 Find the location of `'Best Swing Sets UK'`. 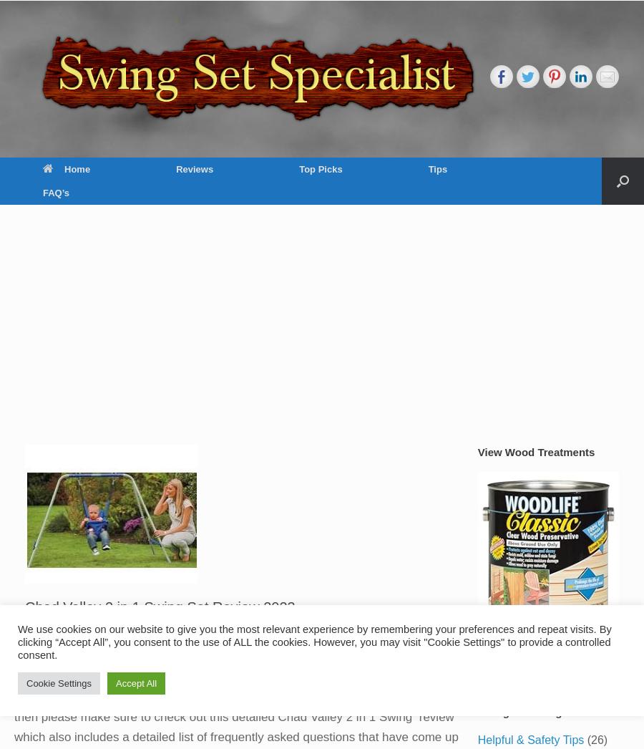

'Best Swing Sets UK' is located at coordinates (323, 229).